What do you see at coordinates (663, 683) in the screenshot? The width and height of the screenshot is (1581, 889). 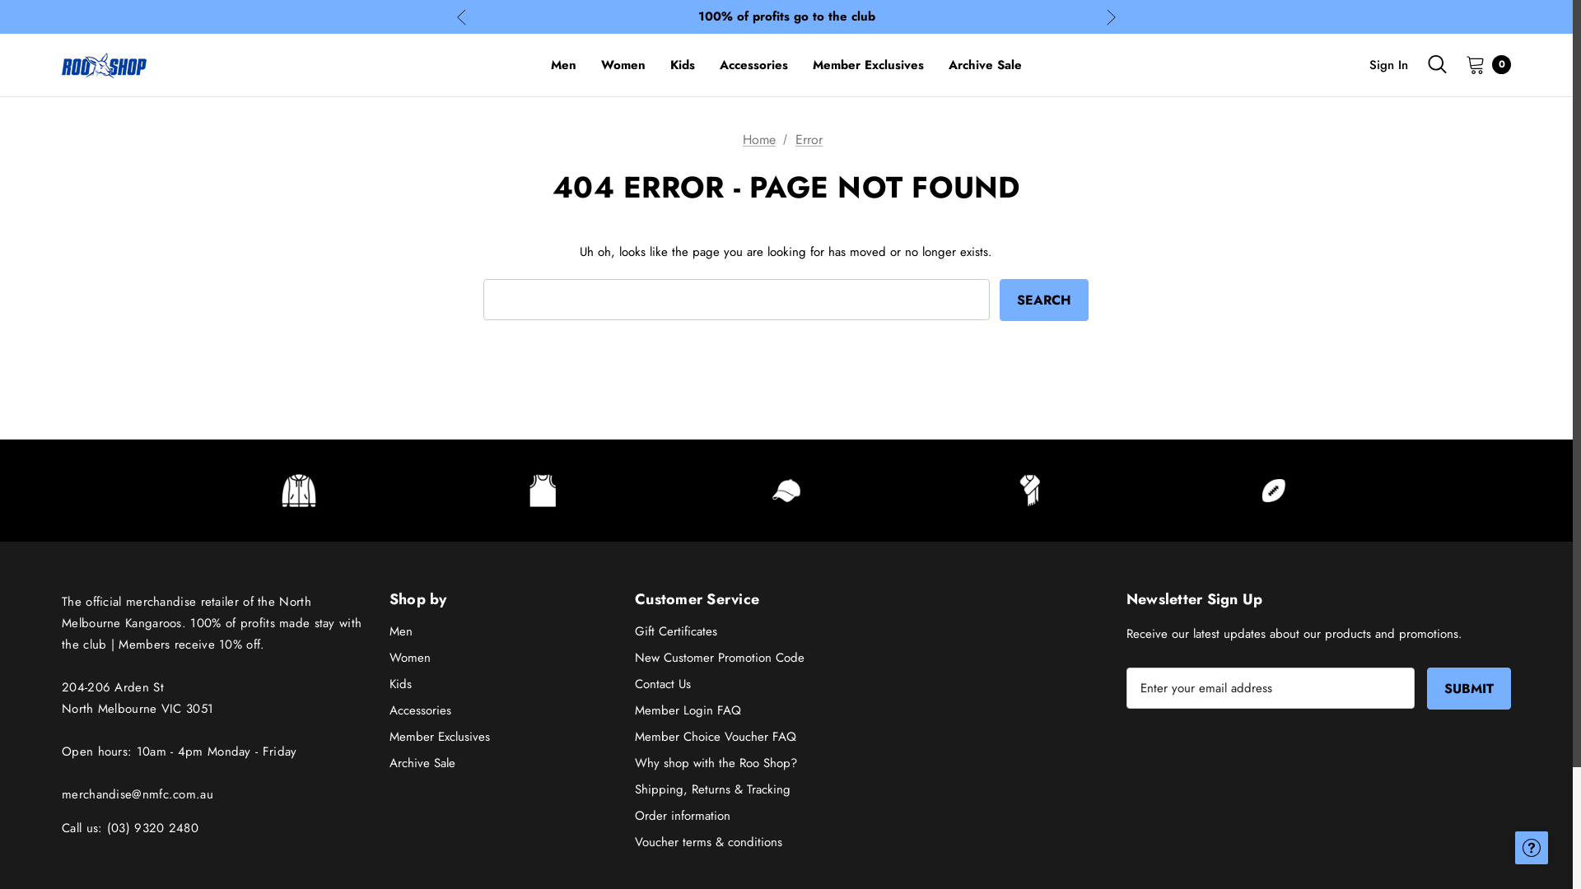 I see `'Contact Us'` at bounding box center [663, 683].